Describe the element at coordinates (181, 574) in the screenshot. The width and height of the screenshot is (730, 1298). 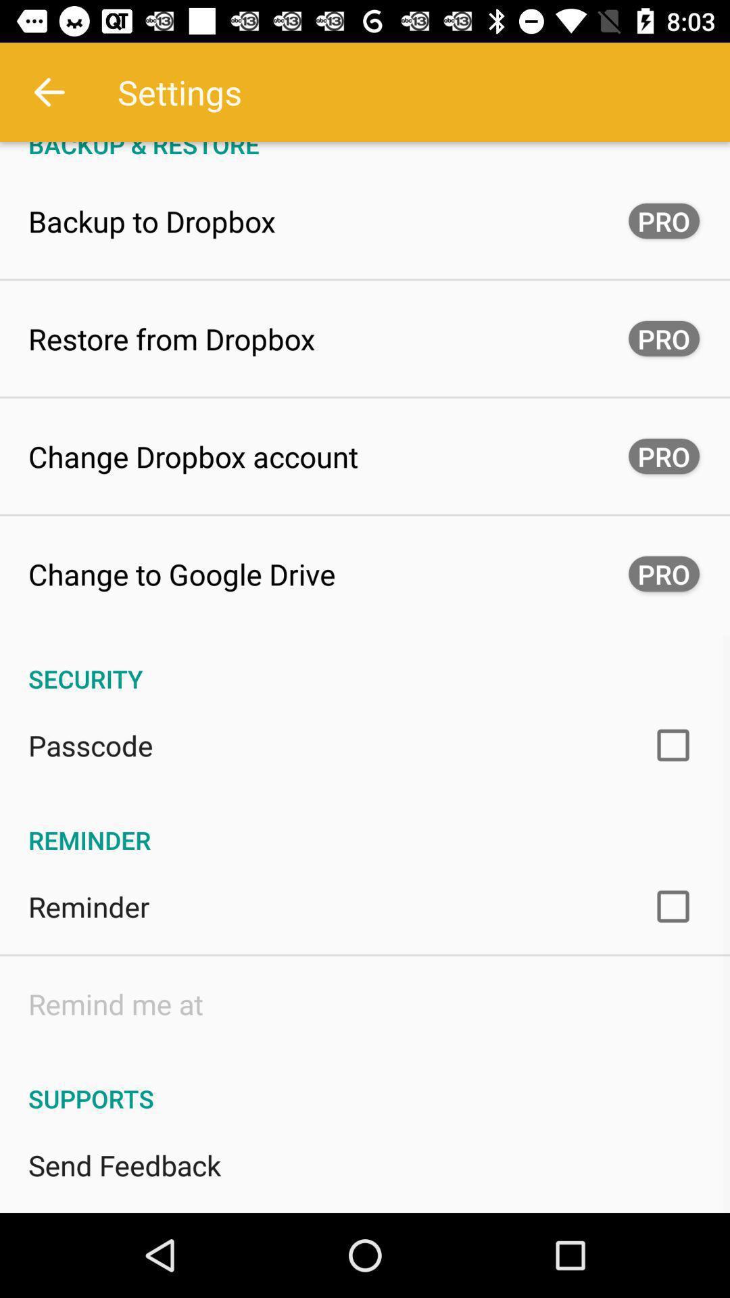
I see `change to google icon` at that location.